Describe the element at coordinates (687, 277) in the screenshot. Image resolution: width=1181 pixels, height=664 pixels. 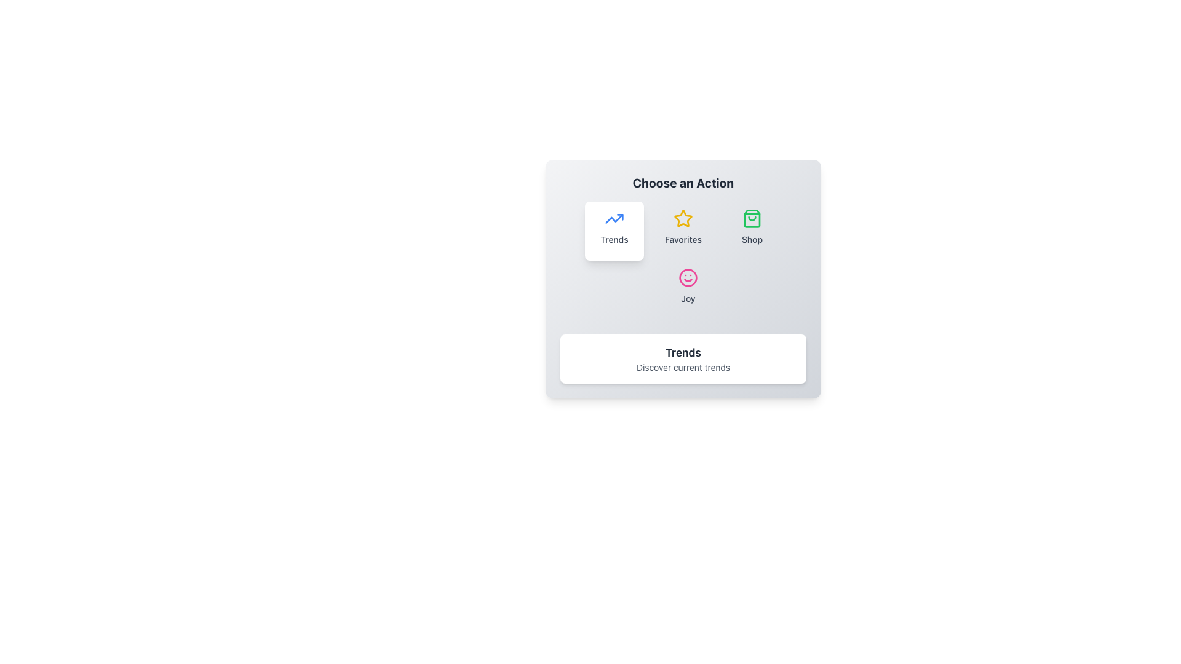
I see `the main circular component of the smiley face icon labeled as 'Joy' within the grid of icons located at the bottom-right corner` at that location.